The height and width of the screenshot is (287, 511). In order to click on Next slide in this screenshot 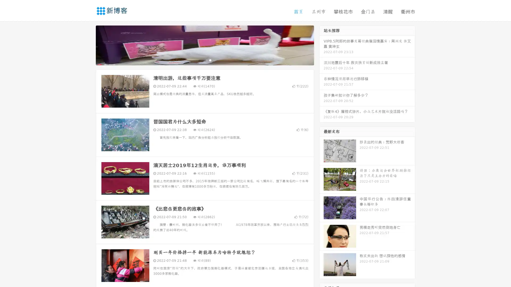, I will do `click(322, 45)`.